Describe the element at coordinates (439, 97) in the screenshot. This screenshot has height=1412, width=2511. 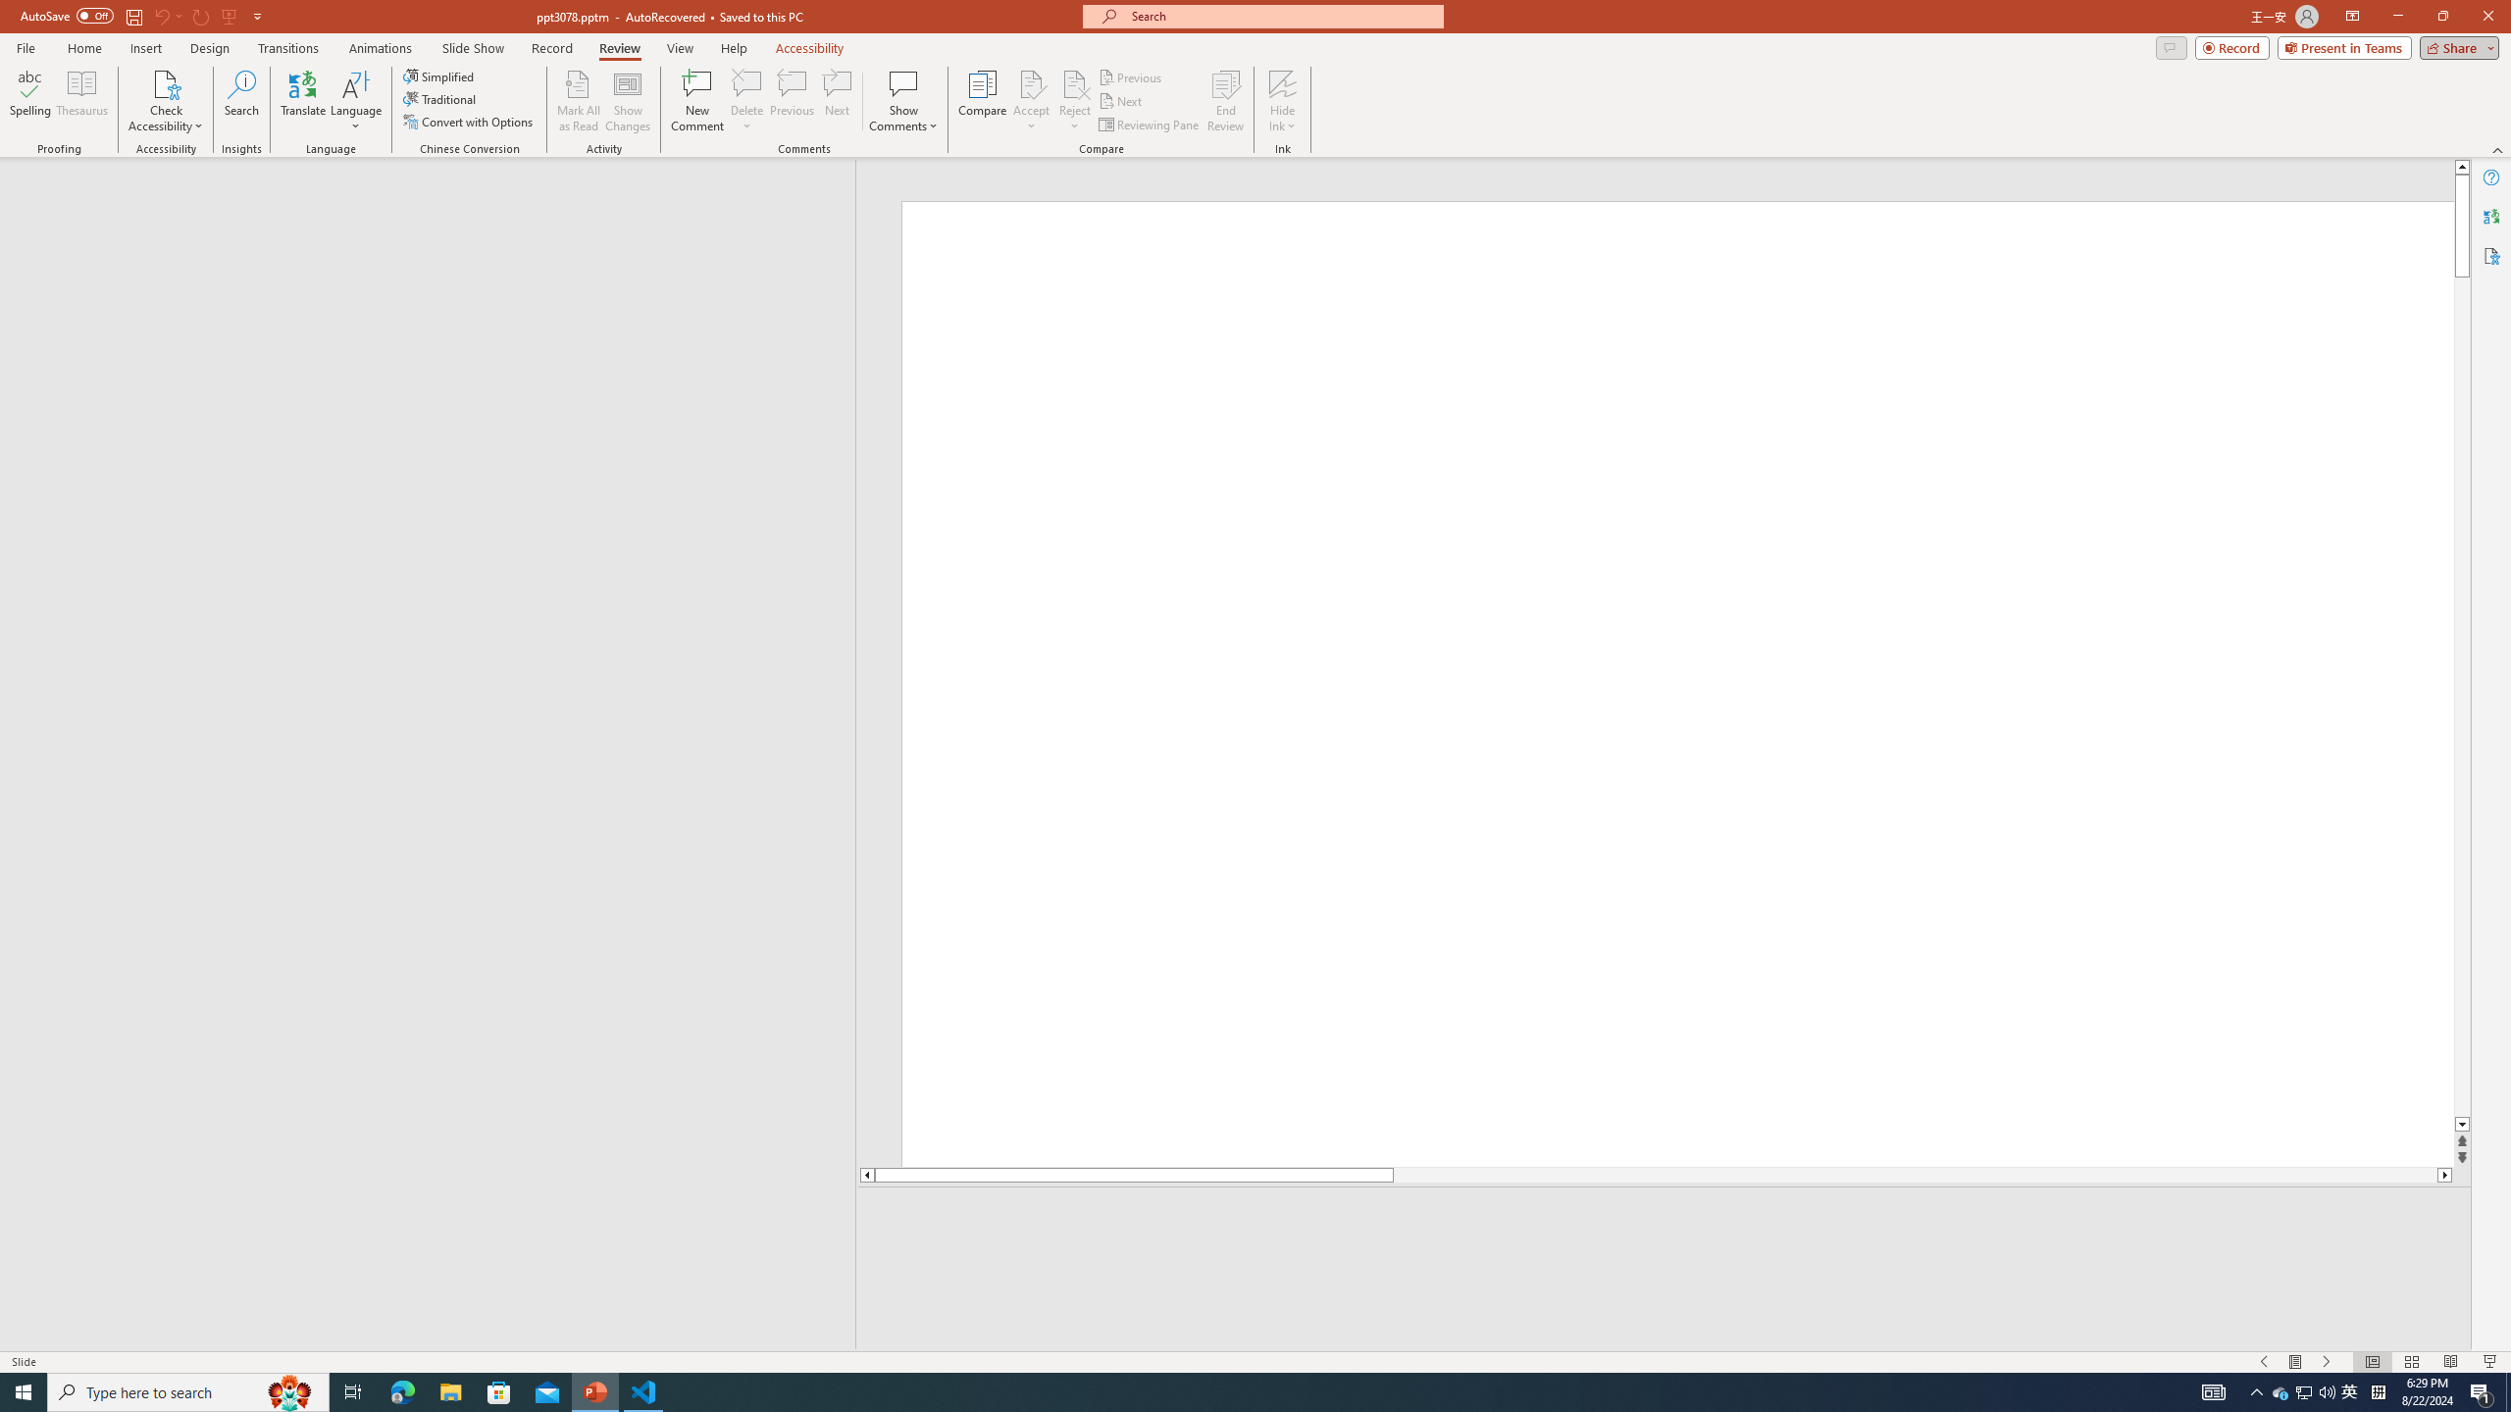
I see `'Traditional'` at that location.